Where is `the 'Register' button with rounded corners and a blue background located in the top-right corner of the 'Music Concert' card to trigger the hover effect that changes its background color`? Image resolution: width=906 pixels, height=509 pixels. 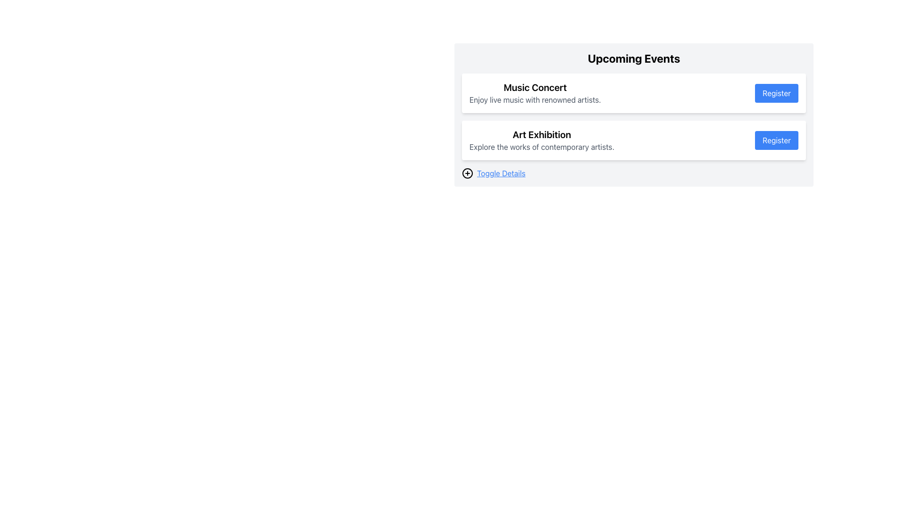
the 'Register' button with rounded corners and a blue background located in the top-right corner of the 'Music Concert' card to trigger the hover effect that changes its background color is located at coordinates (777, 93).